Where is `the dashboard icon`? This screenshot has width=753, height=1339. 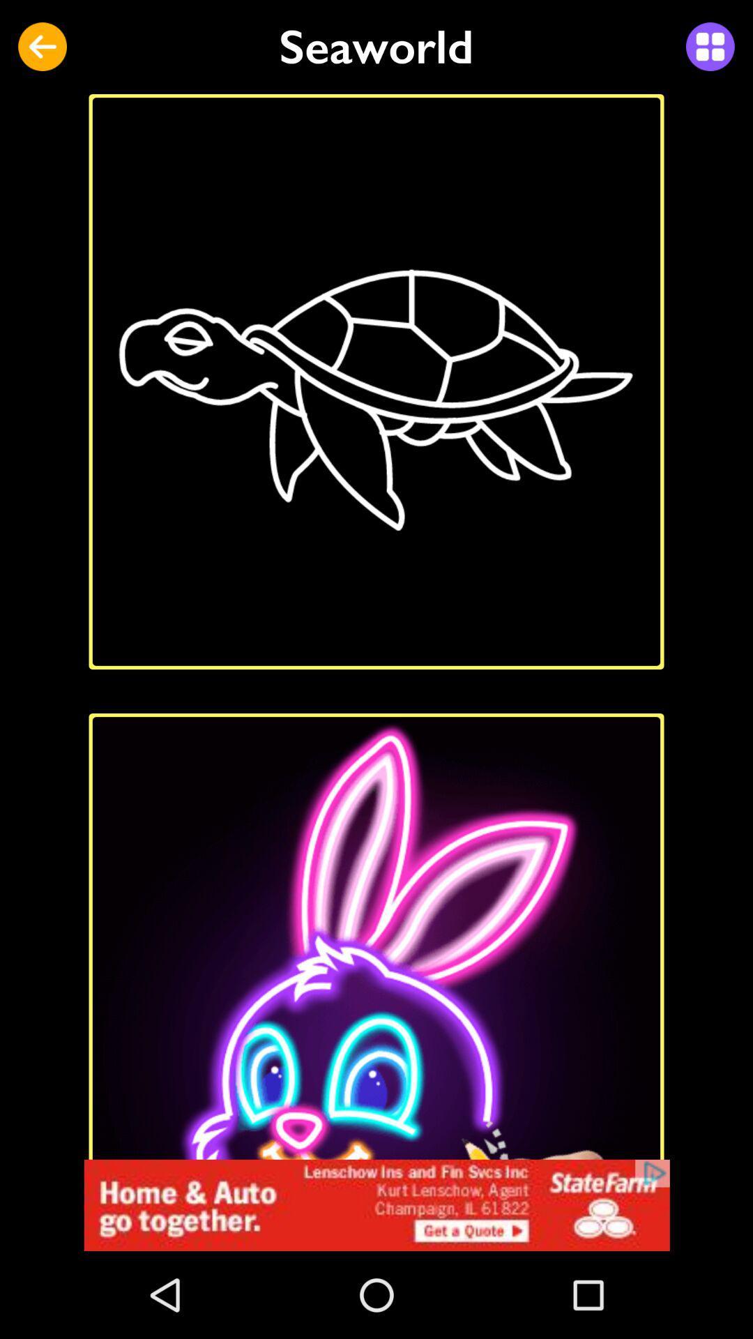
the dashboard icon is located at coordinates (710, 47).